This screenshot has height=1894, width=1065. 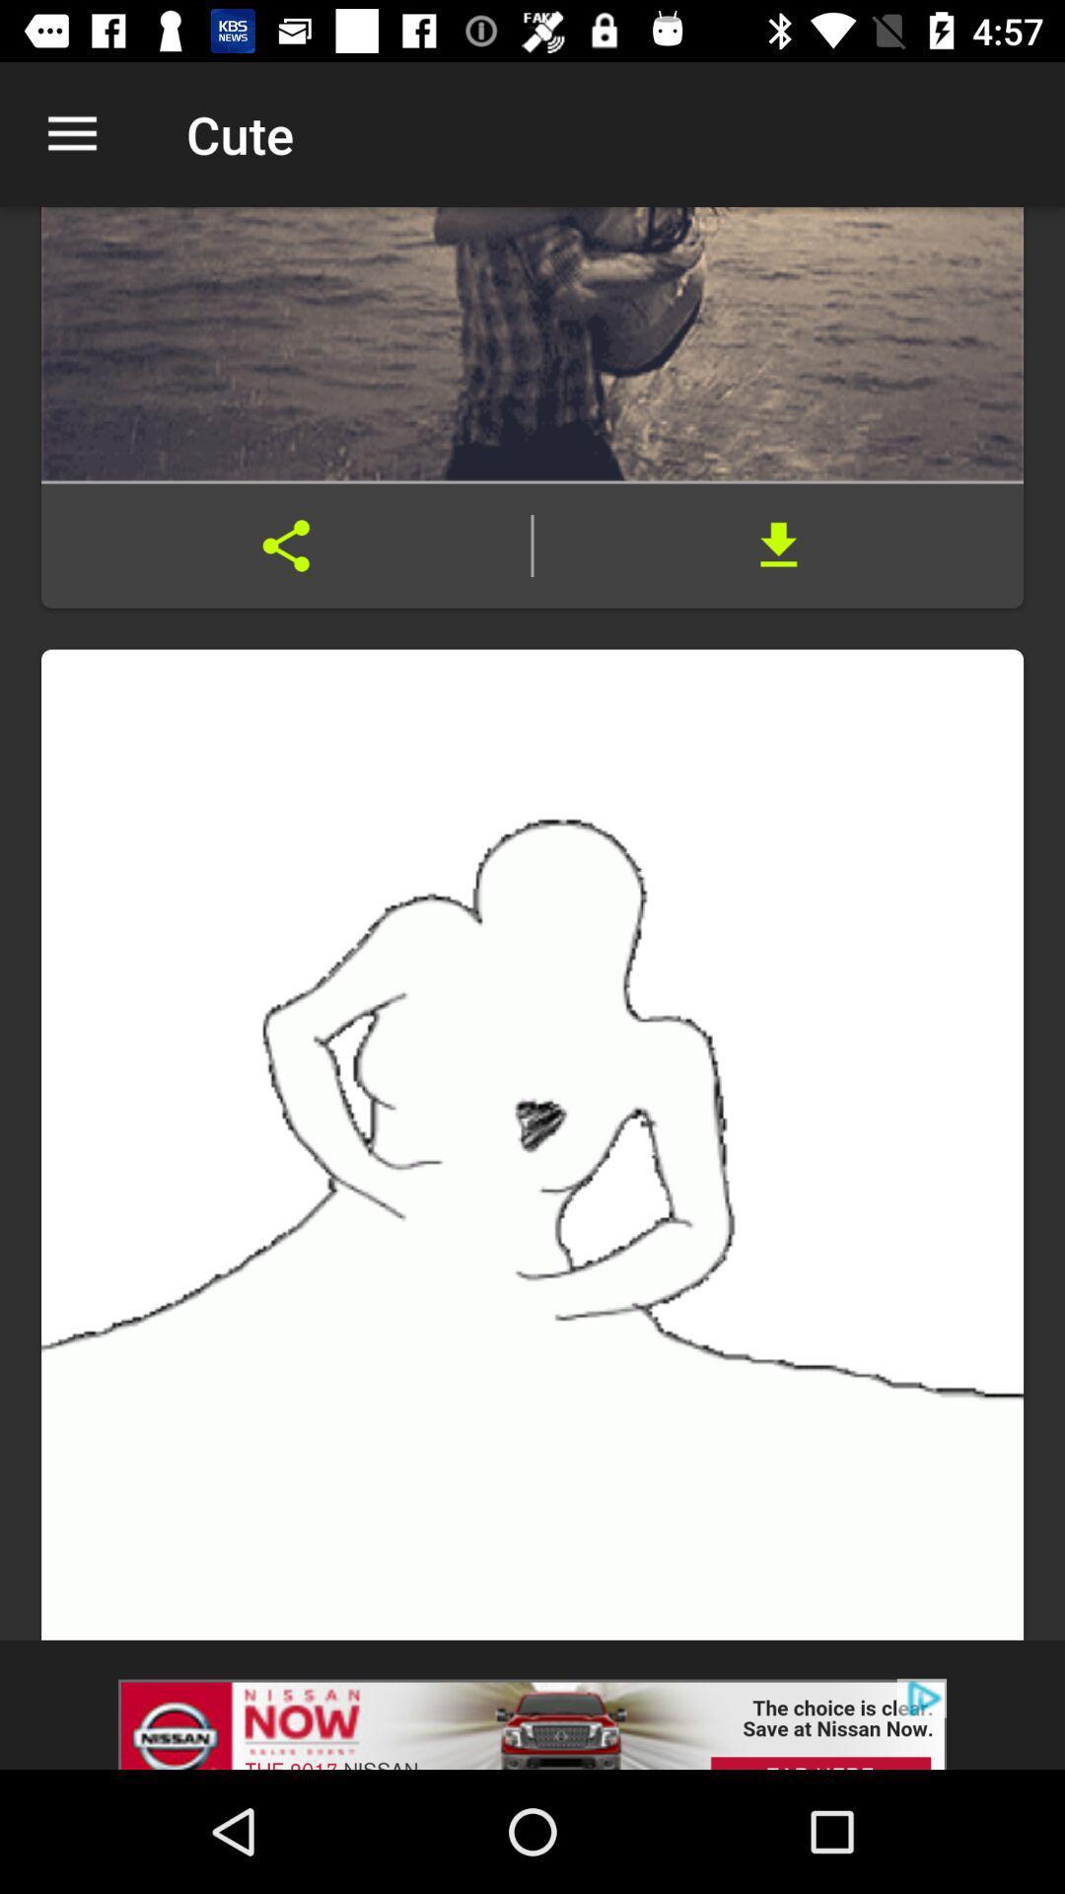 What do you see at coordinates (777, 546) in the screenshot?
I see `download option turned on` at bounding box center [777, 546].